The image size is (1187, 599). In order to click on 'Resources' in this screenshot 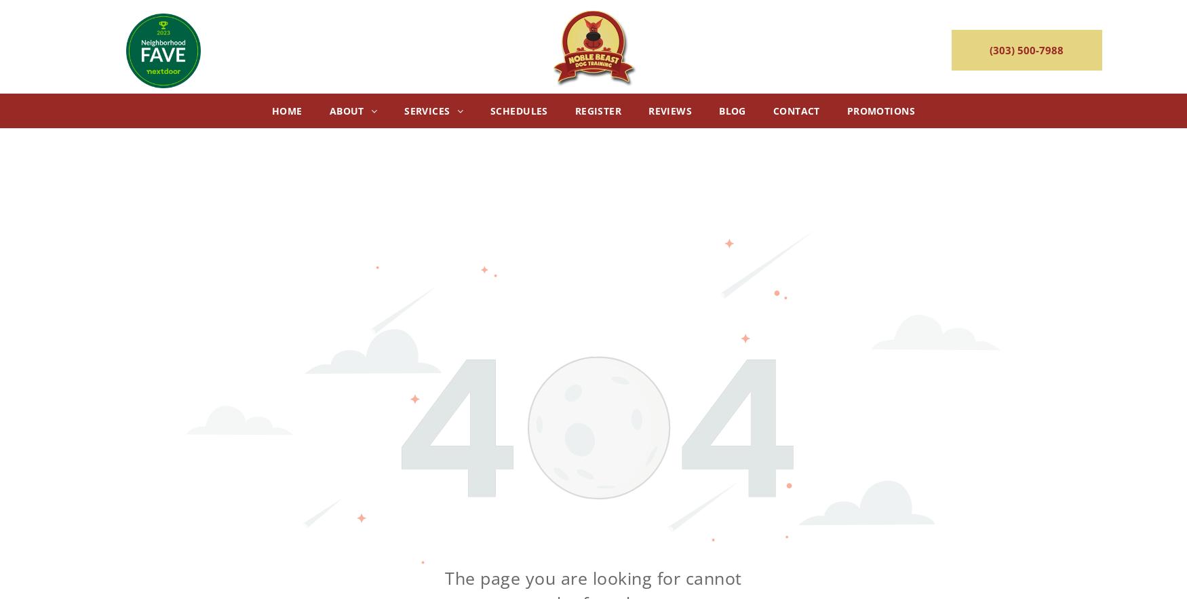, I will do `click(411, 292)`.